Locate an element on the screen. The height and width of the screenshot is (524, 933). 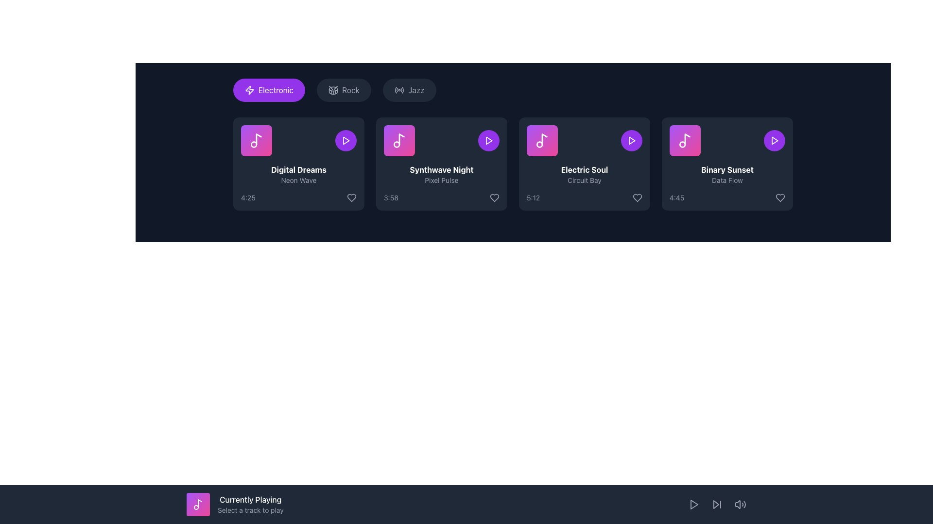
the label that selects the 'Electronic' genre, which is the first label in a horizontal row of genre tags with a purple background and rounded corners is located at coordinates (275, 90).